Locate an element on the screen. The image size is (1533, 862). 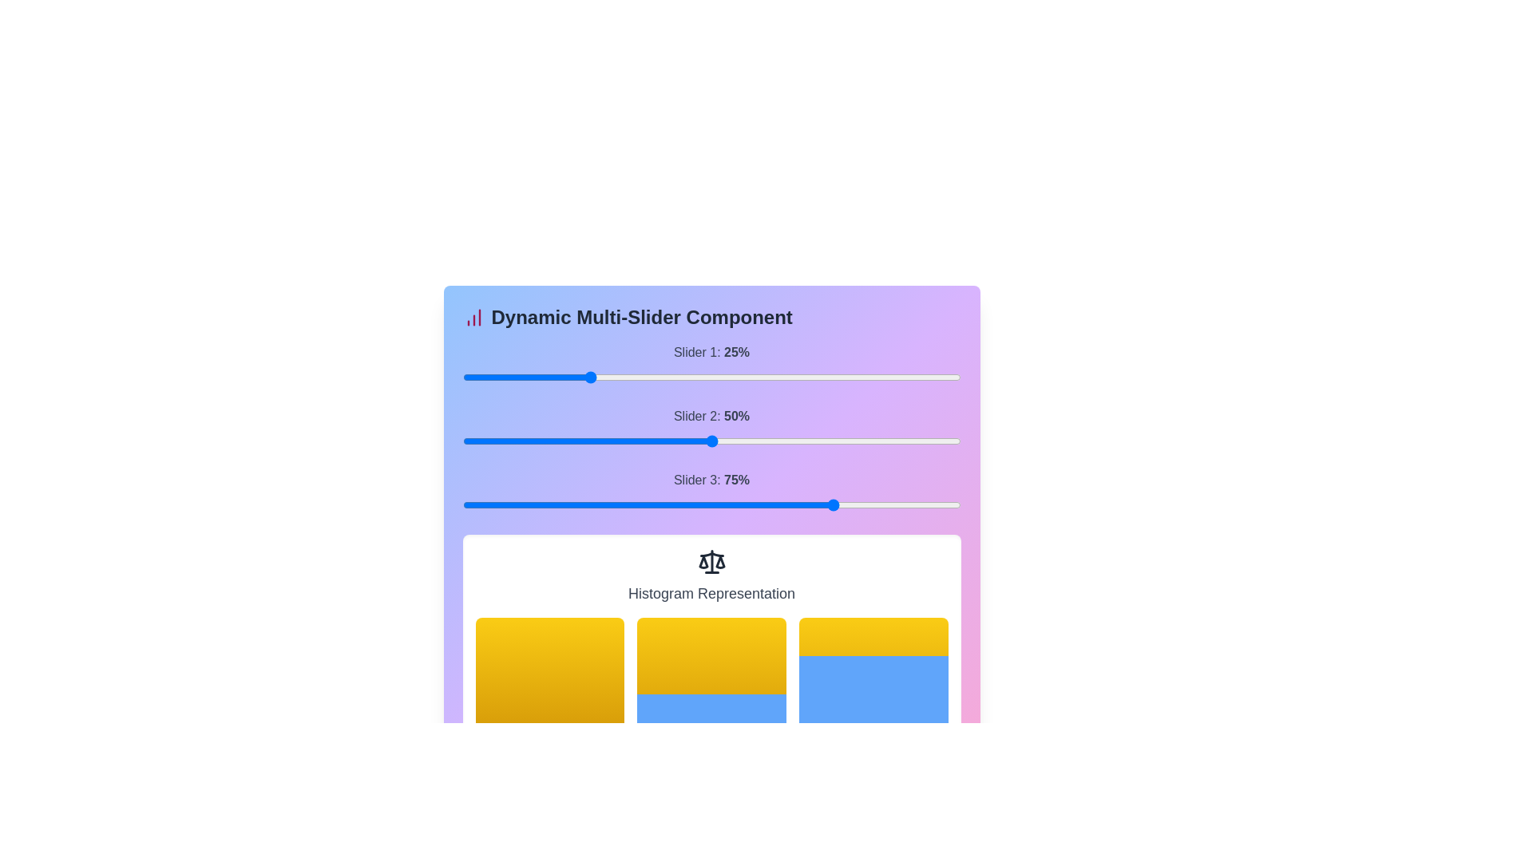
the slider 1 to 92% to observe histogram changes is located at coordinates (941, 378).